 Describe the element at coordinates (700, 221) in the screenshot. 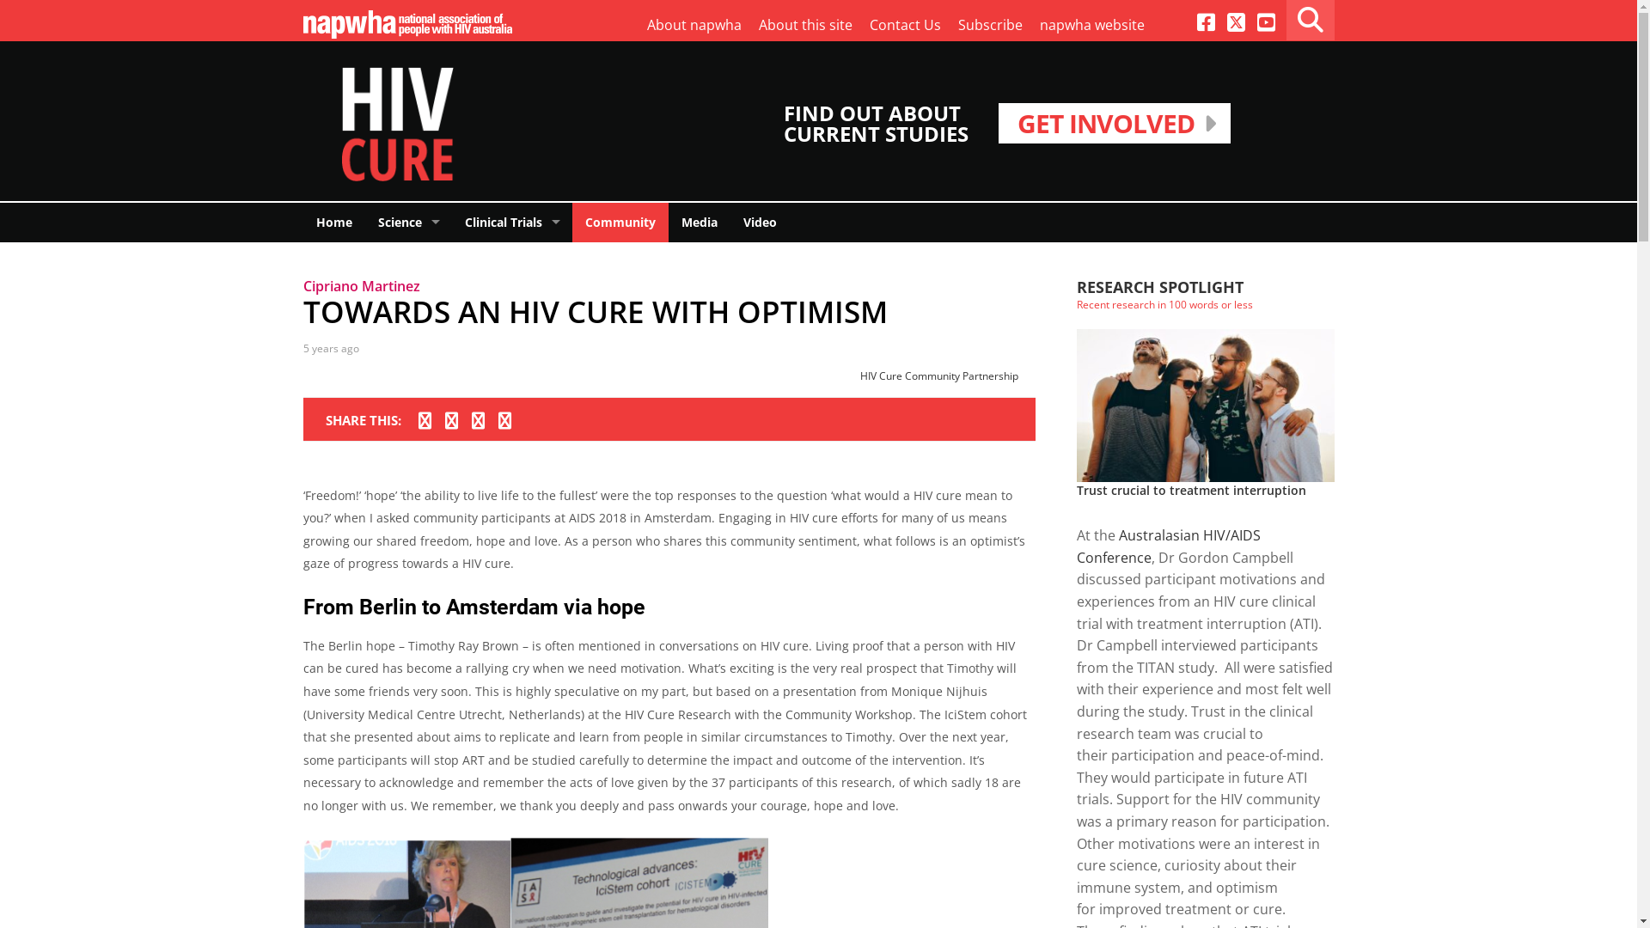

I see `'Media'` at that location.